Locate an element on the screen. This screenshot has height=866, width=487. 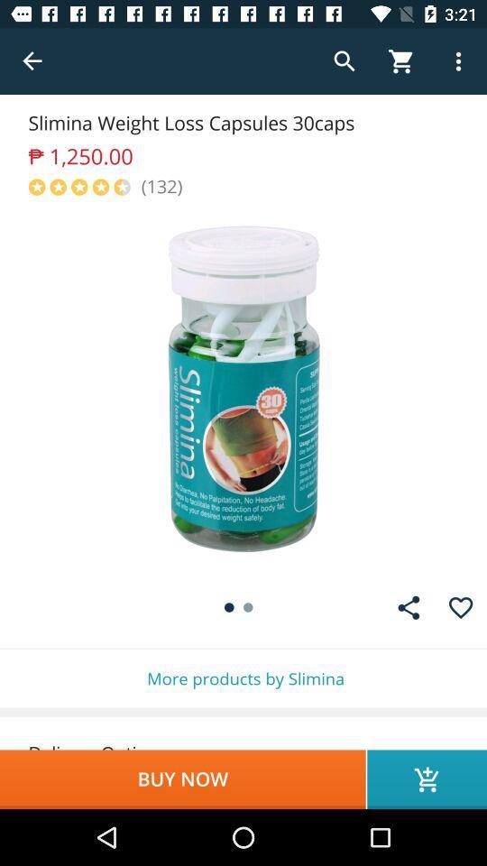
the share icon is located at coordinates (409, 607).